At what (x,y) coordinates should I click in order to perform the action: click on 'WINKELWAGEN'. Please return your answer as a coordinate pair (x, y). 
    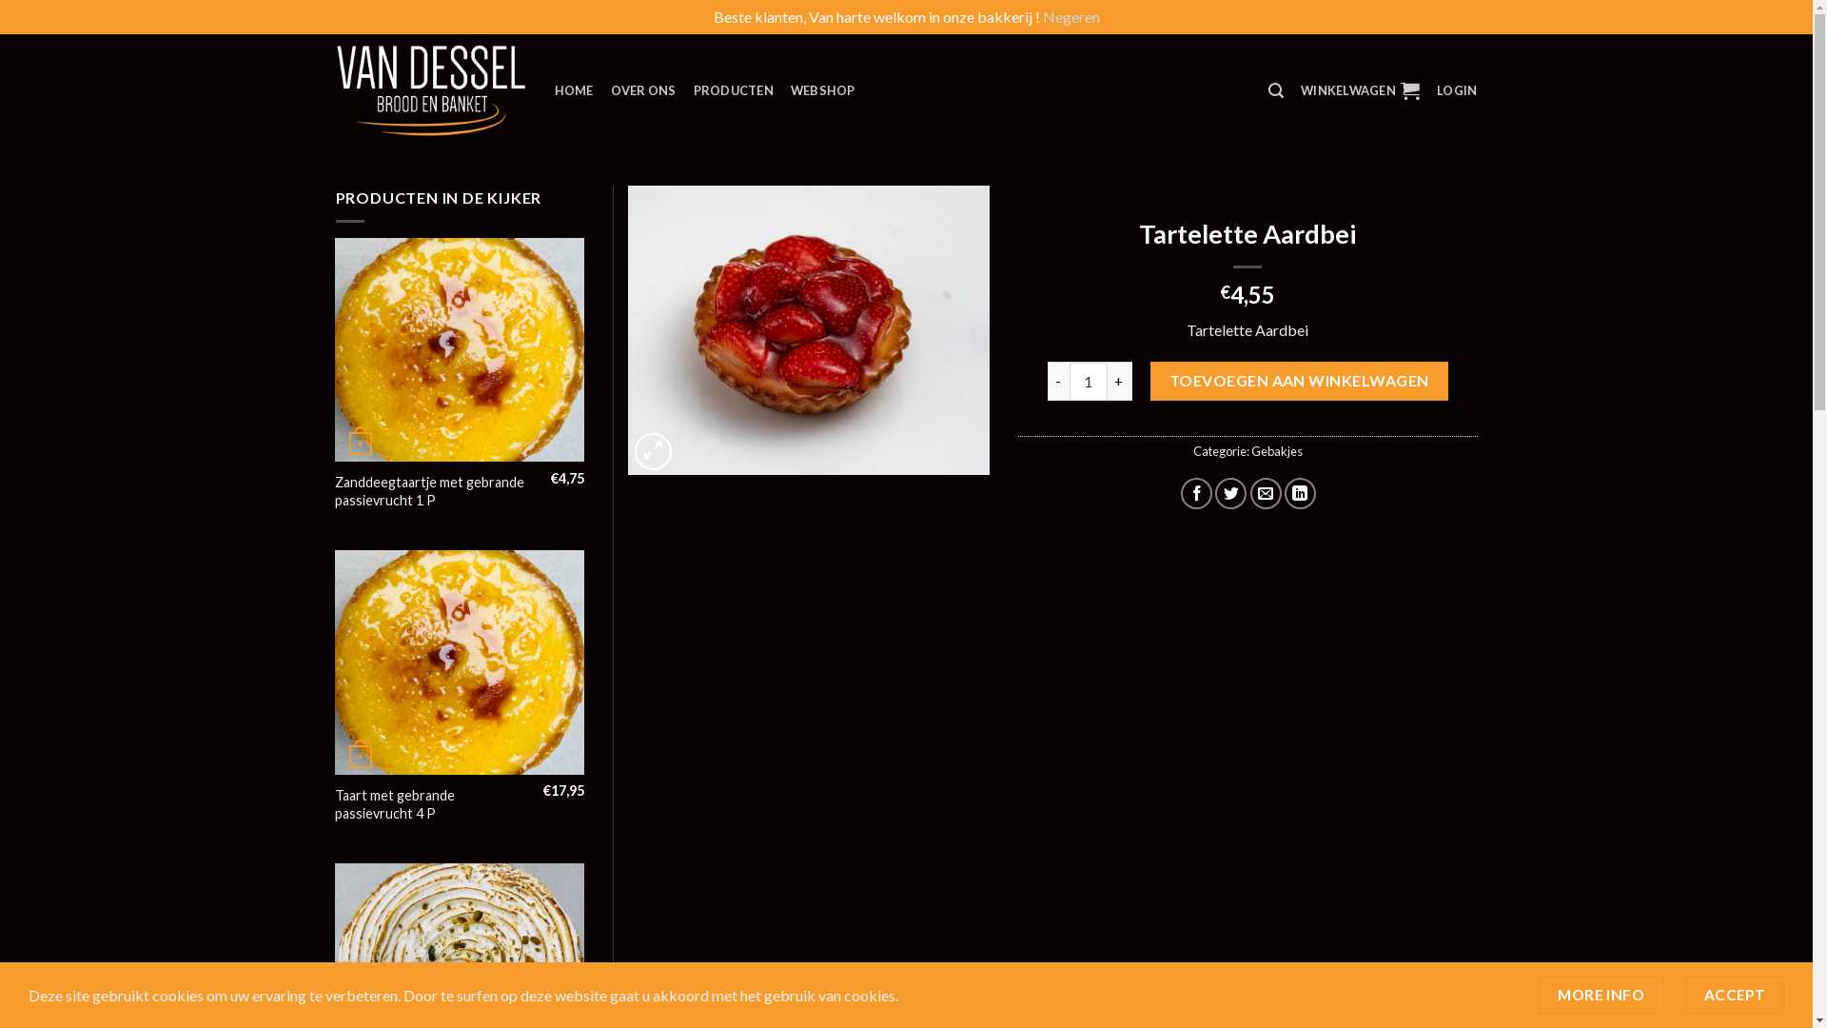
    Looking at the image, I should click on (1359, 90).